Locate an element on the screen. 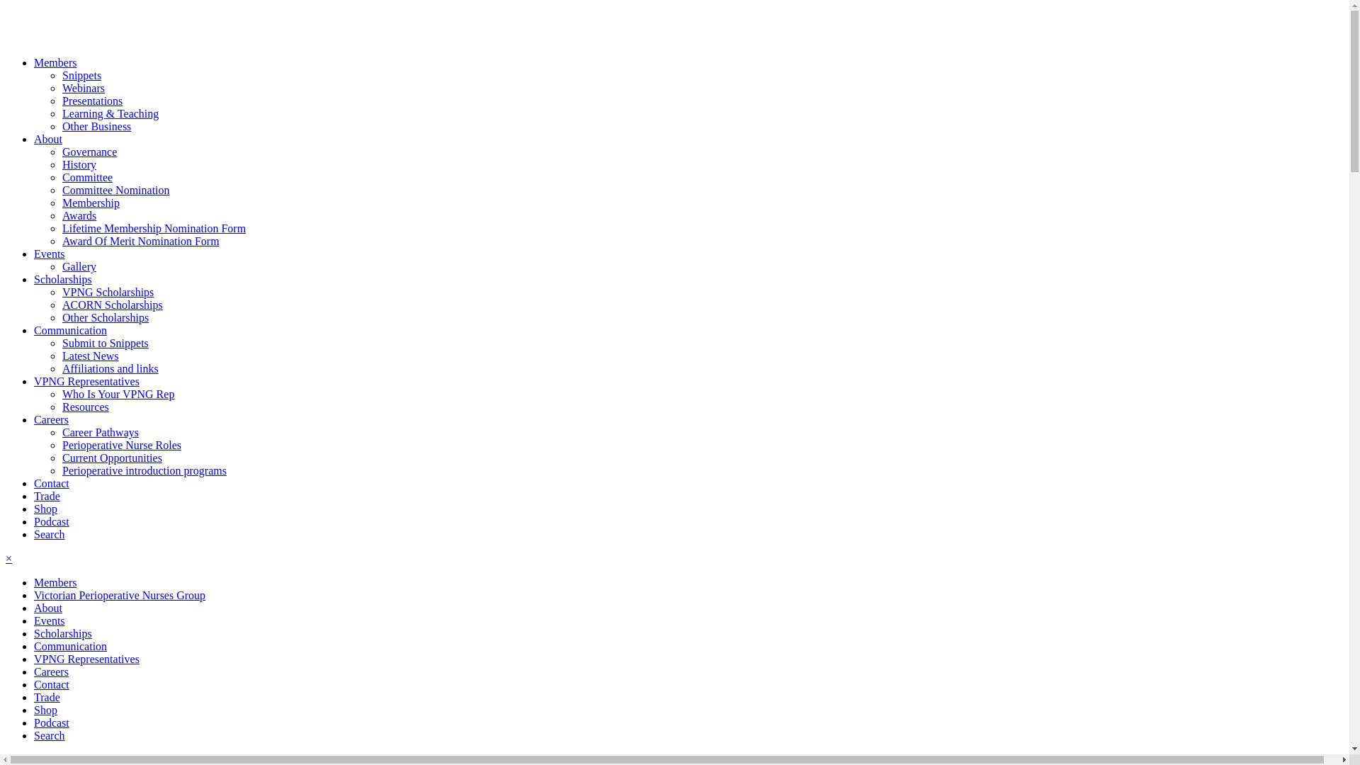 The image size is (1360, 765). 'Other Business' is located at coordinates (96, 125).